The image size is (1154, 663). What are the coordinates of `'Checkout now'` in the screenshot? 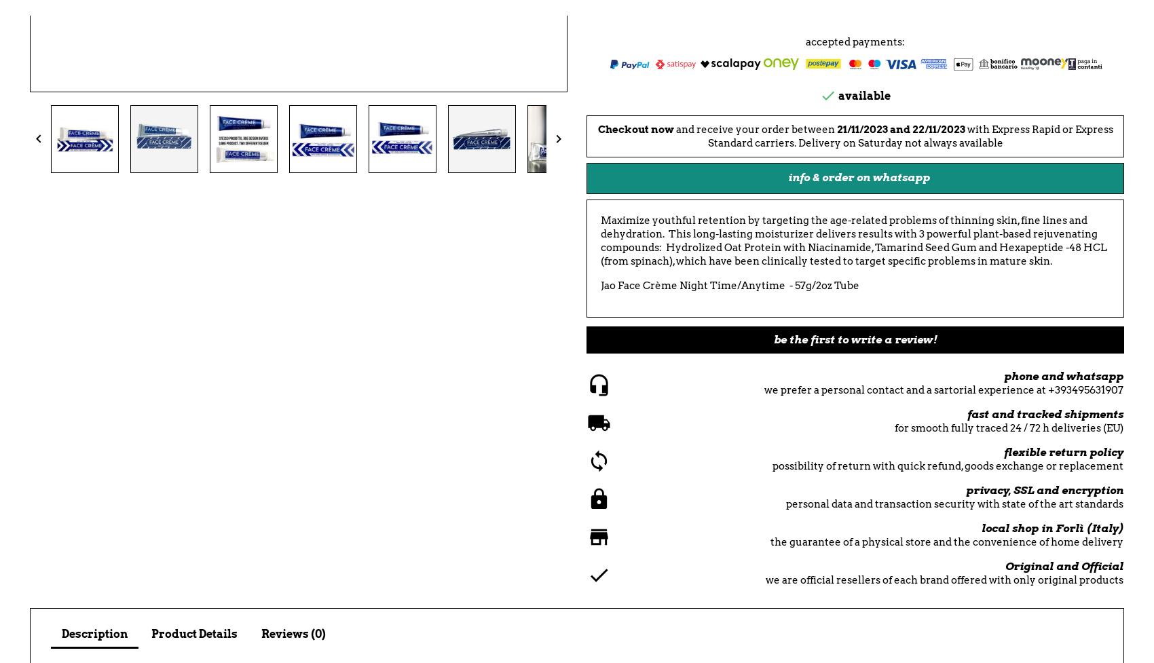 It's located at (597, 129).